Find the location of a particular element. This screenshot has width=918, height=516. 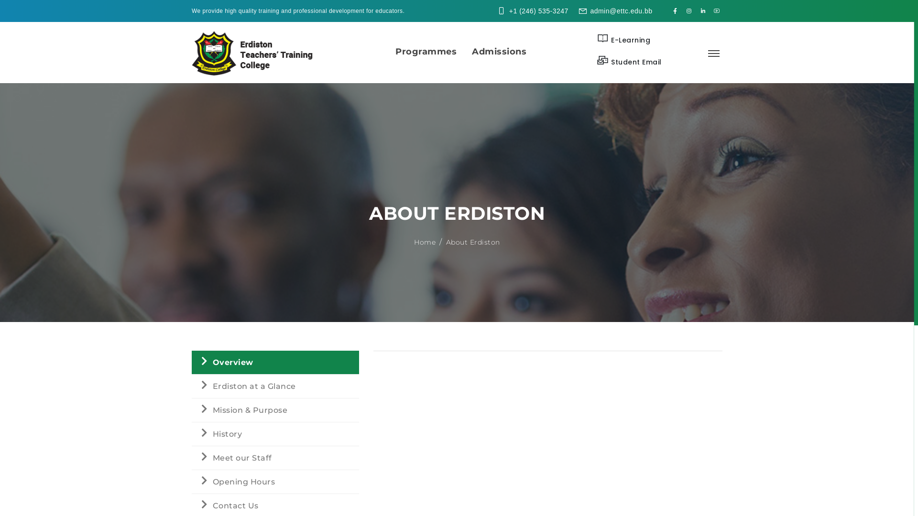

'Programmes' is located at coordinates (426, 51).